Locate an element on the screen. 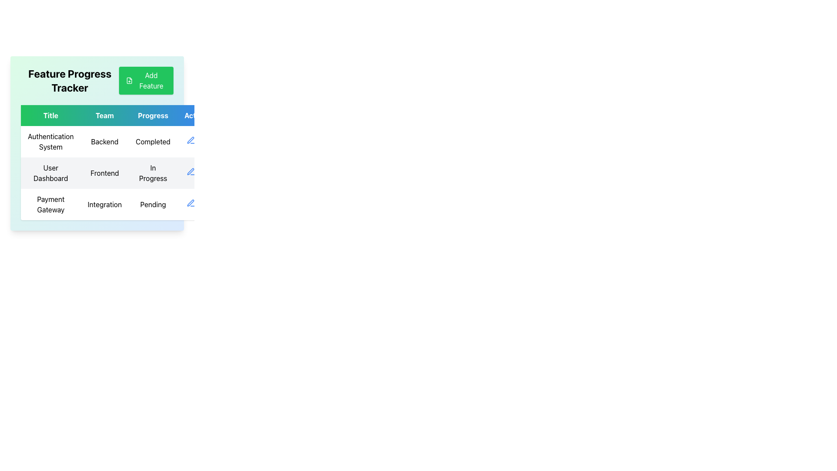  the third column header that indicates progress statuses for tasks, positioned between 'Team' and 'Actions' is located at coordinates (153, 115).